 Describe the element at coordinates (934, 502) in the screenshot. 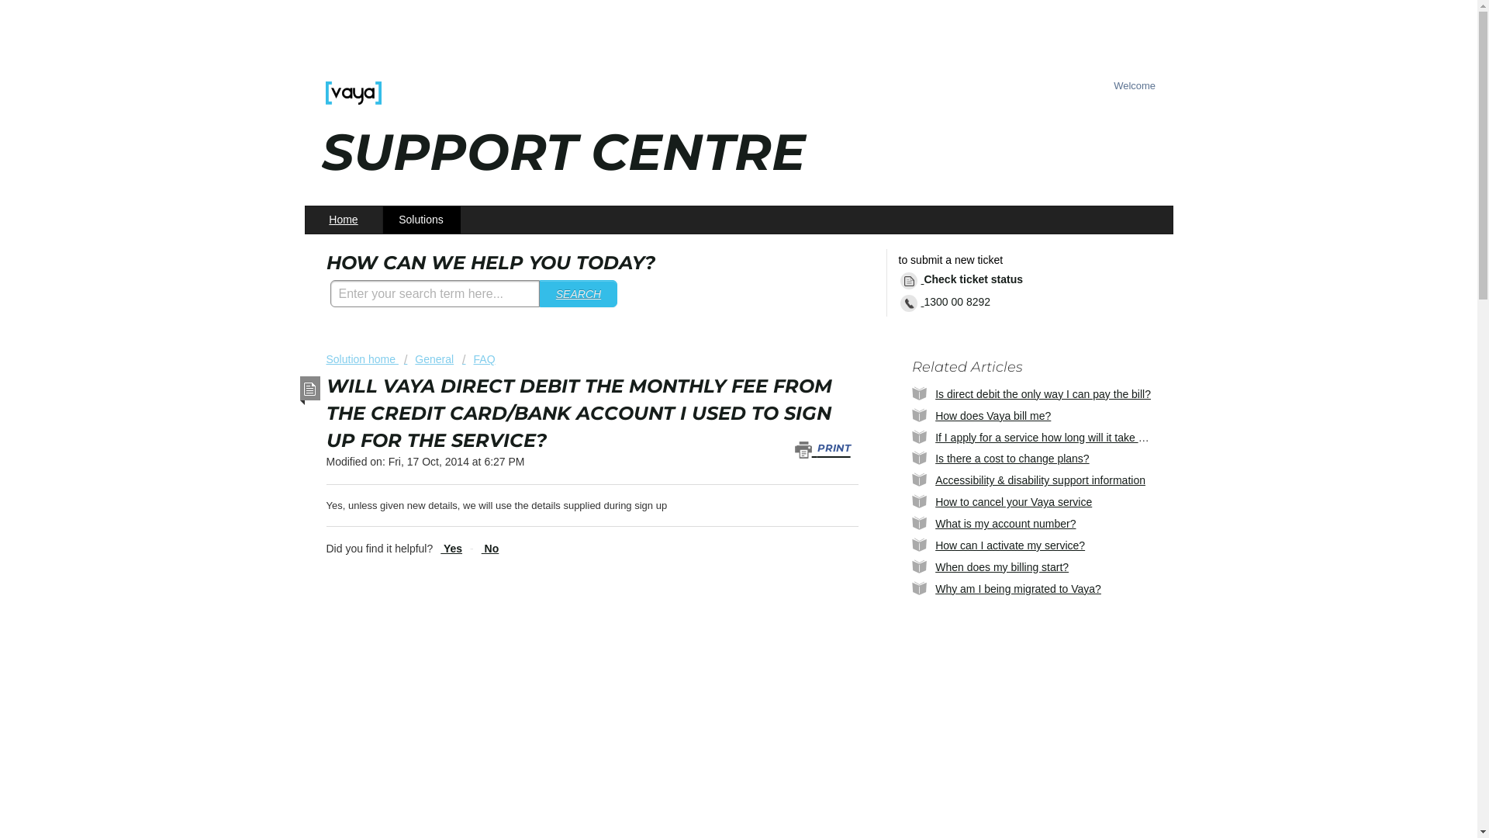

I see `'How to cancel your Vaya service'` at that location.